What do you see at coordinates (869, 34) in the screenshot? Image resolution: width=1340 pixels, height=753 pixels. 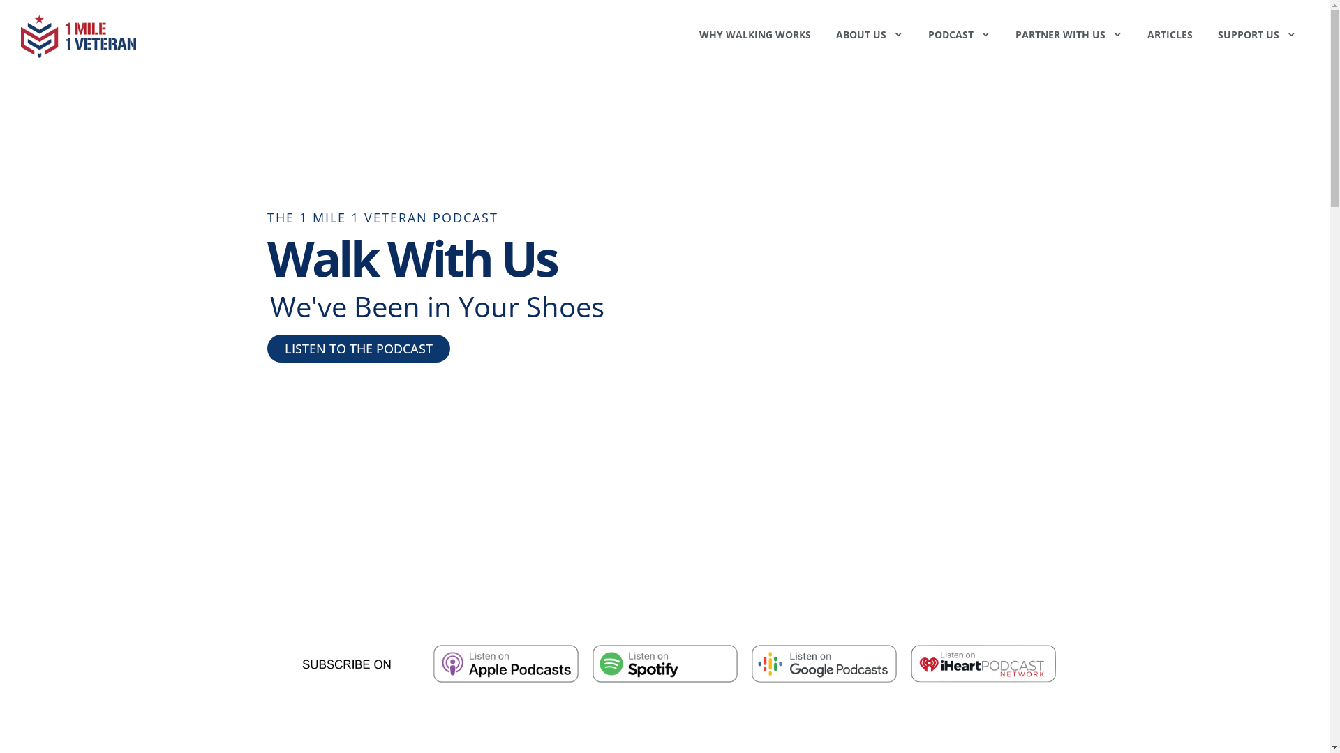 I see `'ABOUT US'` at bounding box center [869, 34].